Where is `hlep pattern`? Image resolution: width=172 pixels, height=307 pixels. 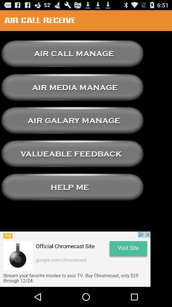
hlep pattern is located at coordinates (72, 187).